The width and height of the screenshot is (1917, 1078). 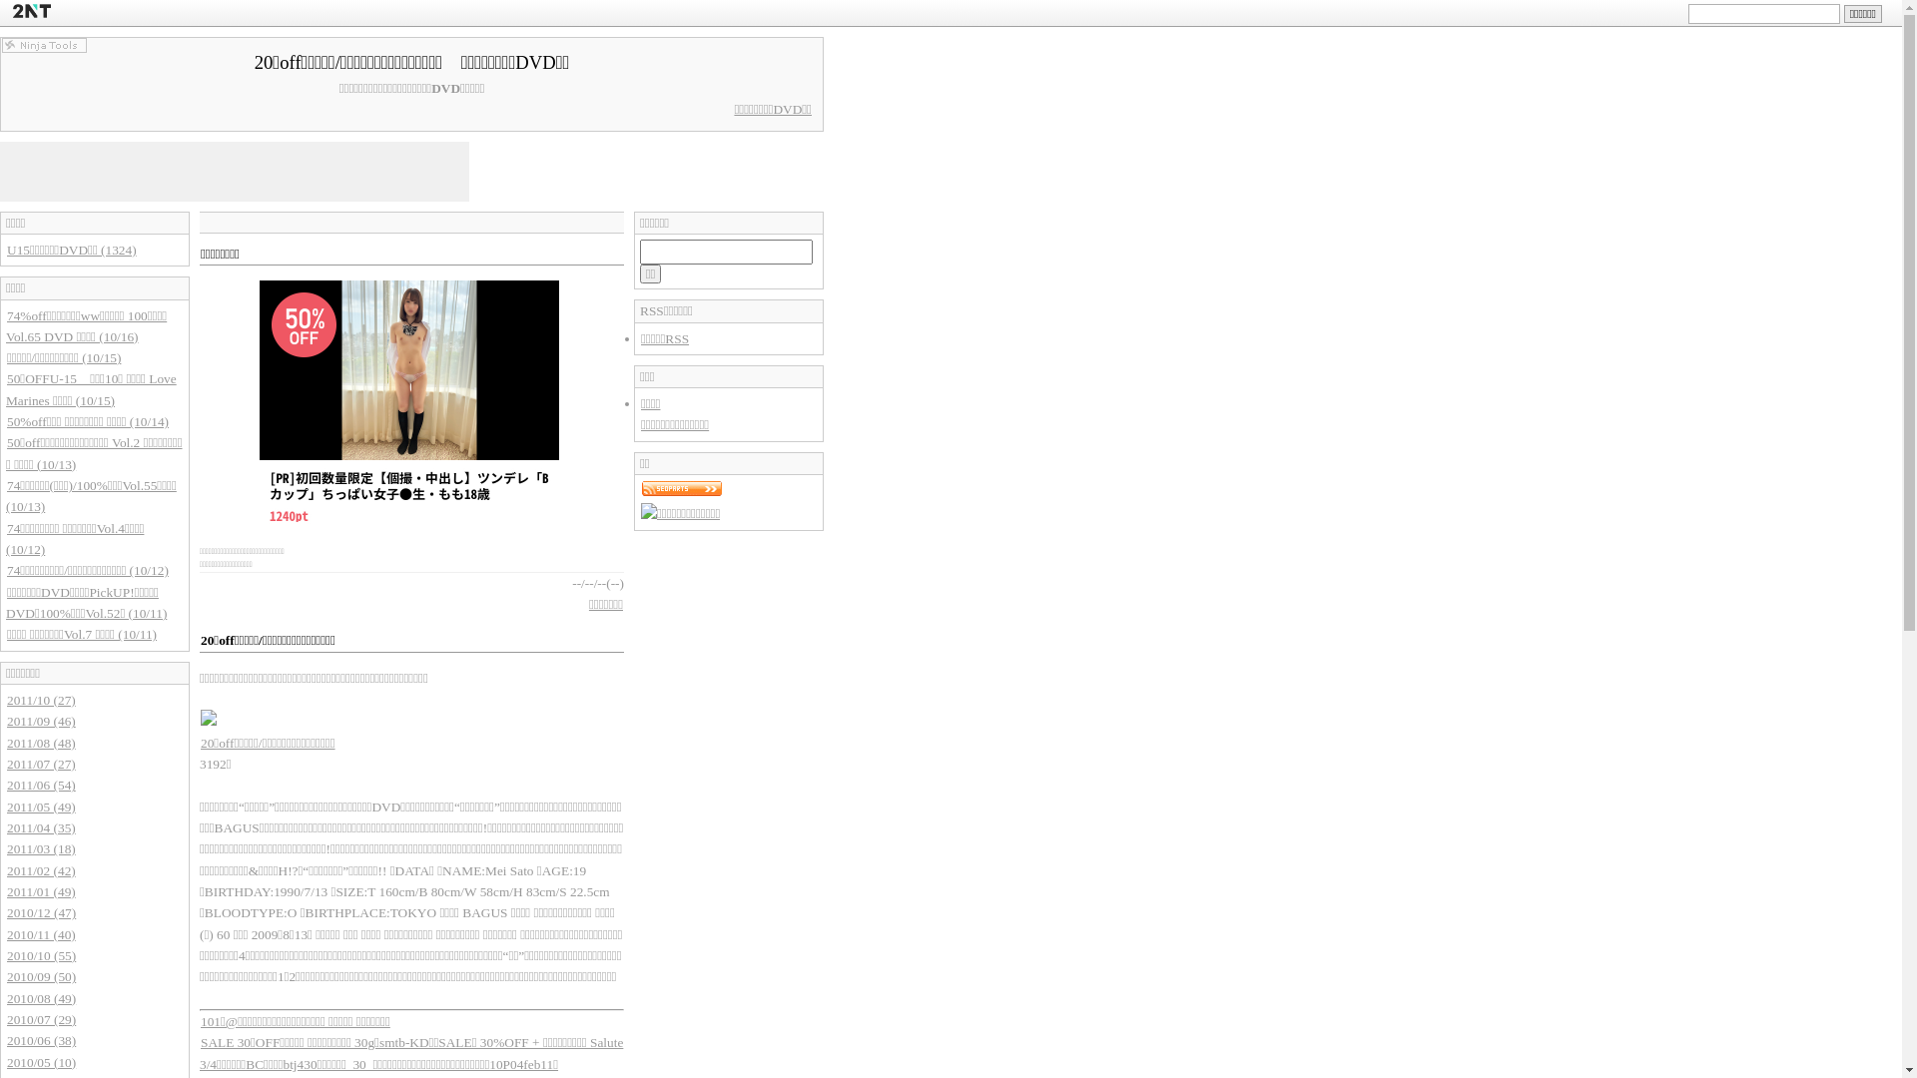 I want to click on '2011/03 (18)', so click(x=41, y=848).